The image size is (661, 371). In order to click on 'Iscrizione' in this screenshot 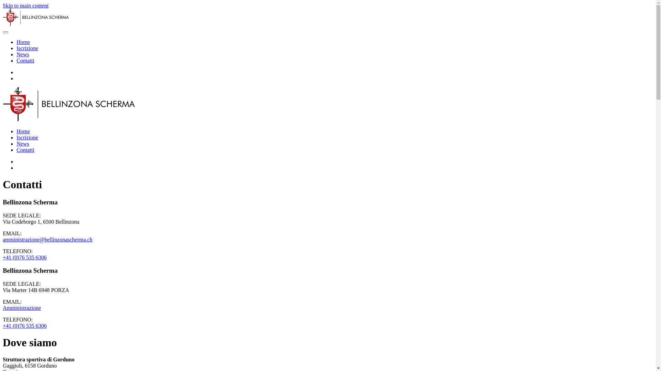, I will do `click(27, 48)`.